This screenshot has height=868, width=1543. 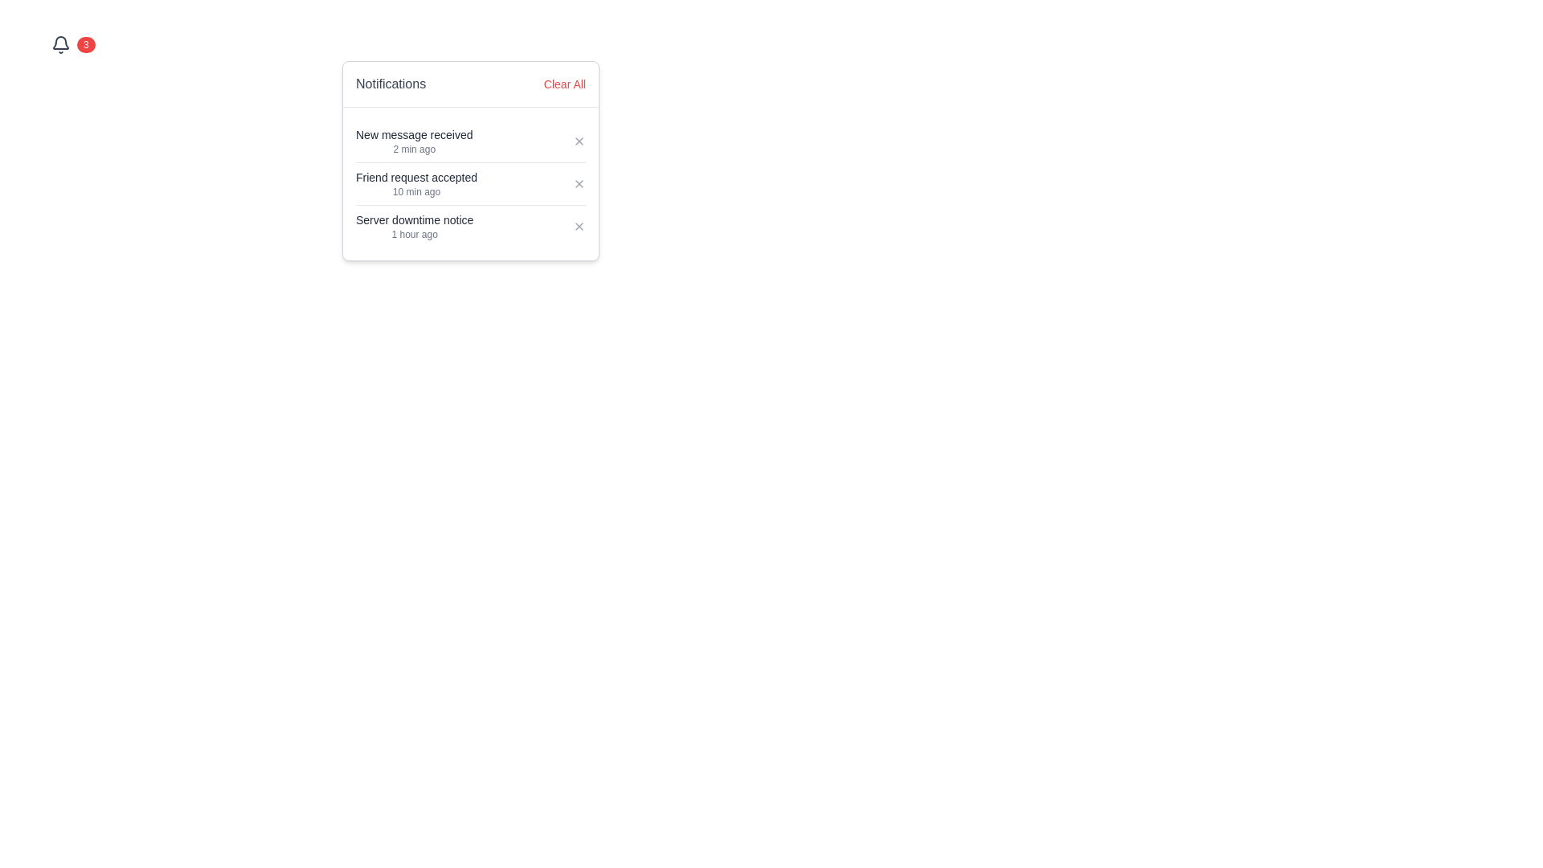 I want to click on the notification badge indicating three new notifications, located at the top-right of the interface adjacent to the bell-shaped notification icon, so click(x=85, y=44).